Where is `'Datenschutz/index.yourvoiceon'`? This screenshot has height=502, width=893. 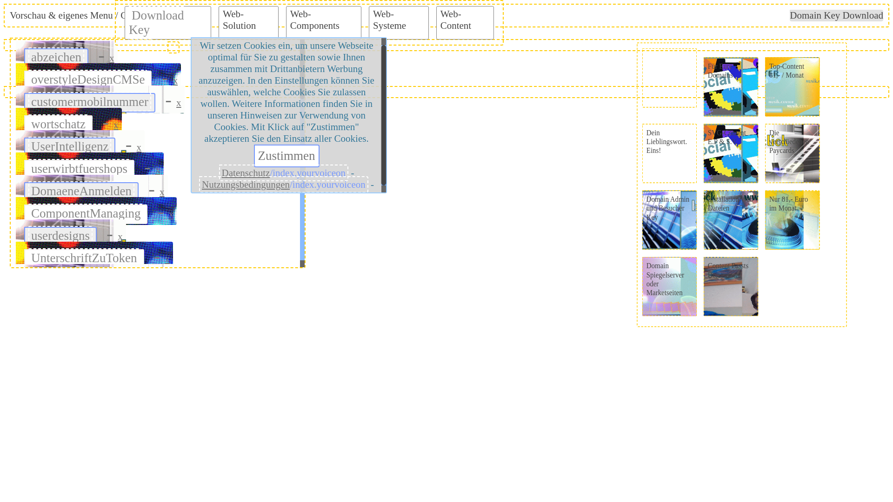 'Datenschutz/index.yourvoiceon' is located at coordinates (283, 172).